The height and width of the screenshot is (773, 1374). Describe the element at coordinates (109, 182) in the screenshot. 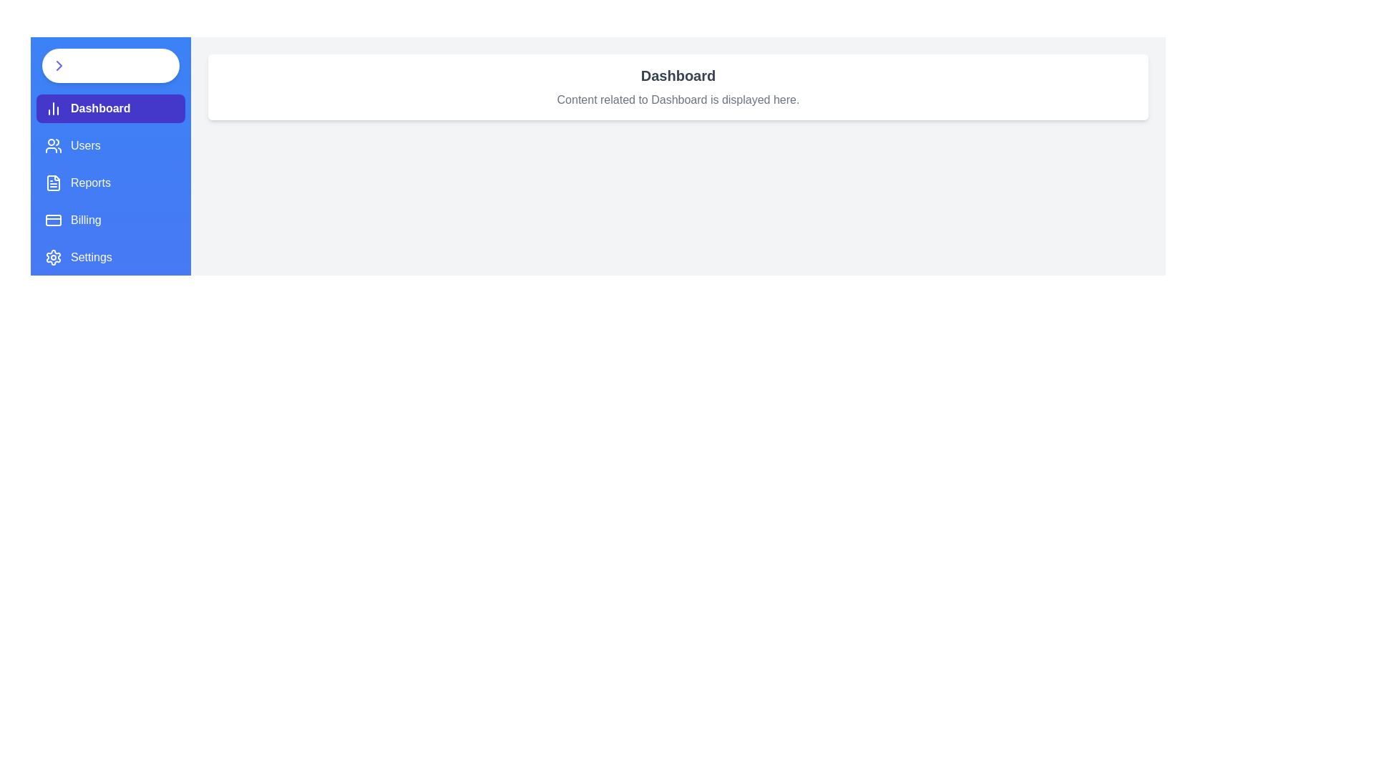

I see `the tab labeled Reports from the sidebar` at that location.